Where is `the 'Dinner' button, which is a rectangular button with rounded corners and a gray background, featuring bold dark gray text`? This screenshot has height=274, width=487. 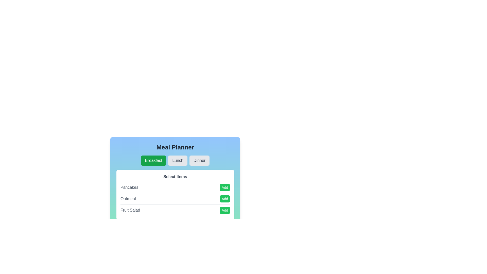
the 'Dinner' button, which is a rectangular button with rounded corners and a gray background, featuring bold dark gray text is located at coordinates (199, 160).